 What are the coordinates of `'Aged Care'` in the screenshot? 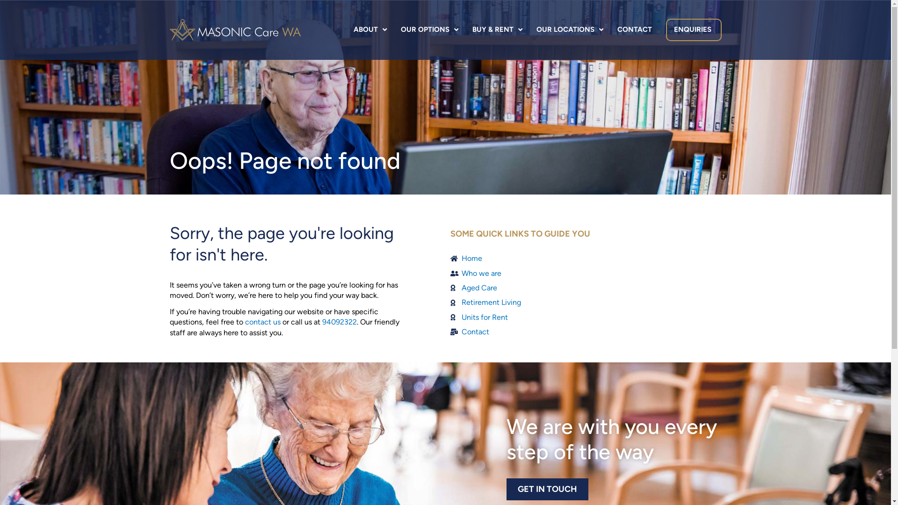 It's located at (585, 288).